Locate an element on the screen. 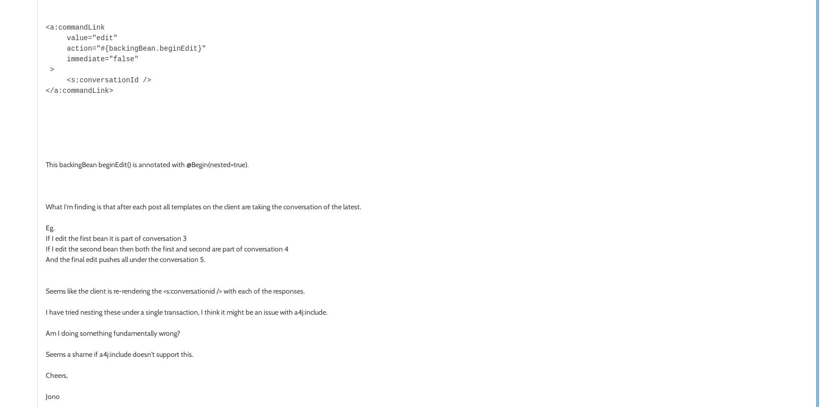 The height and width of the screenshot is (407, 839). 'Eg.' is located at coordinates (50, 227).